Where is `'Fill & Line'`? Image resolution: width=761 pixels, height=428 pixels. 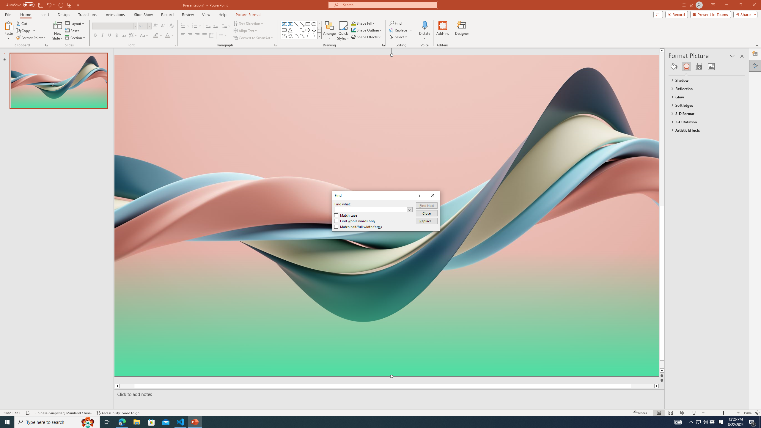
'Fill & Line' is located at coordinates (674, 66).